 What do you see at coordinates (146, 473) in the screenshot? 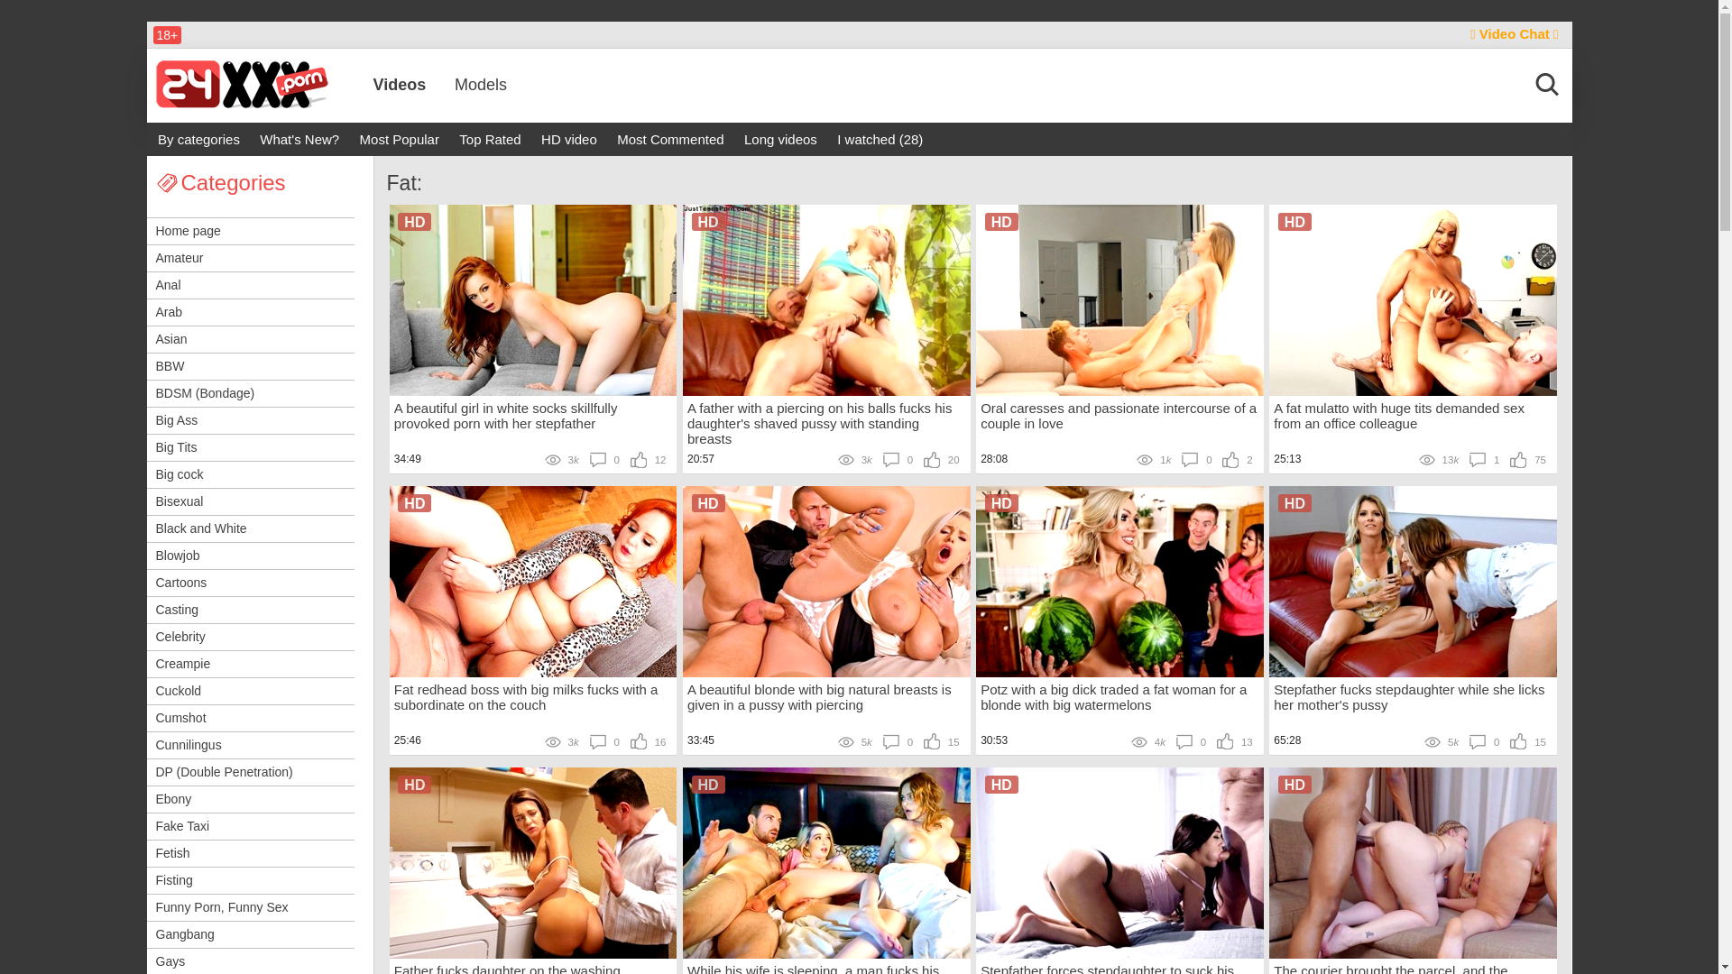
I see `'Big cock'` at bounding box center [146, 473].